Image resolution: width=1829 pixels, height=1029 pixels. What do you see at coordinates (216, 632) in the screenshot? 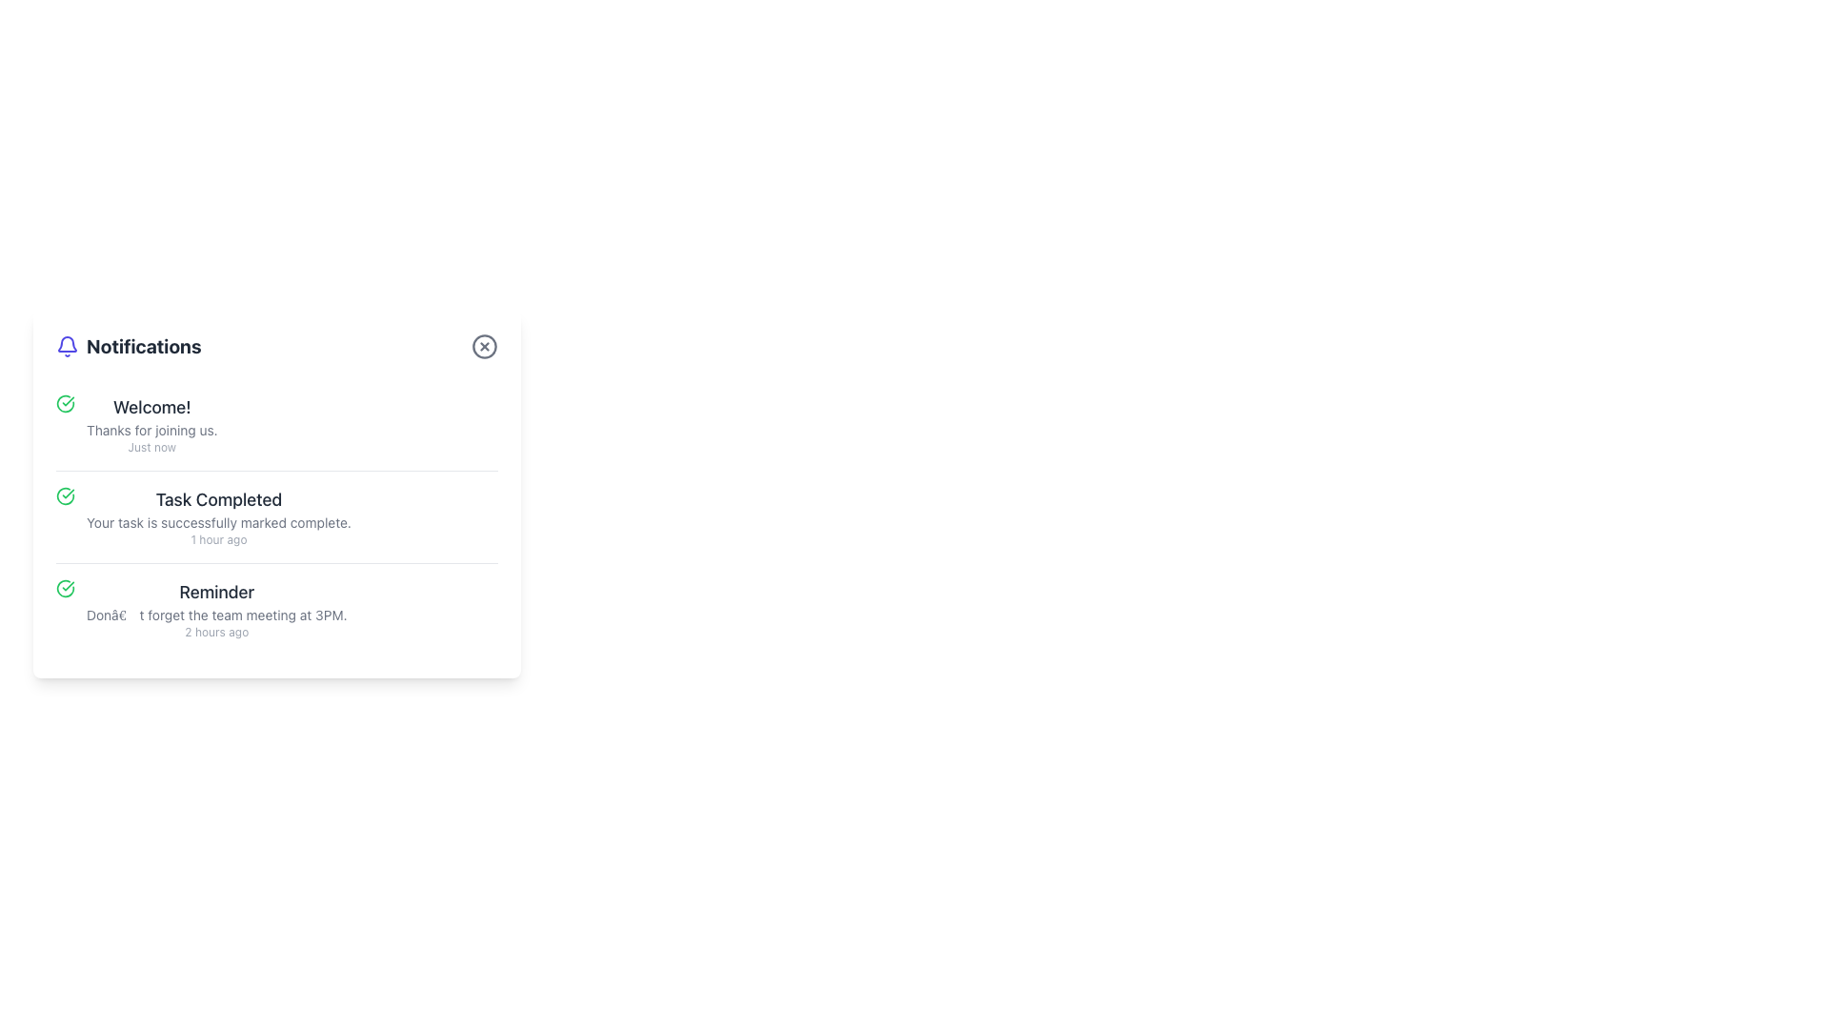
I see `text label displaying '2 hours ago' located below the notification message titled 'Reminder'` at bounding box center [216, 632].